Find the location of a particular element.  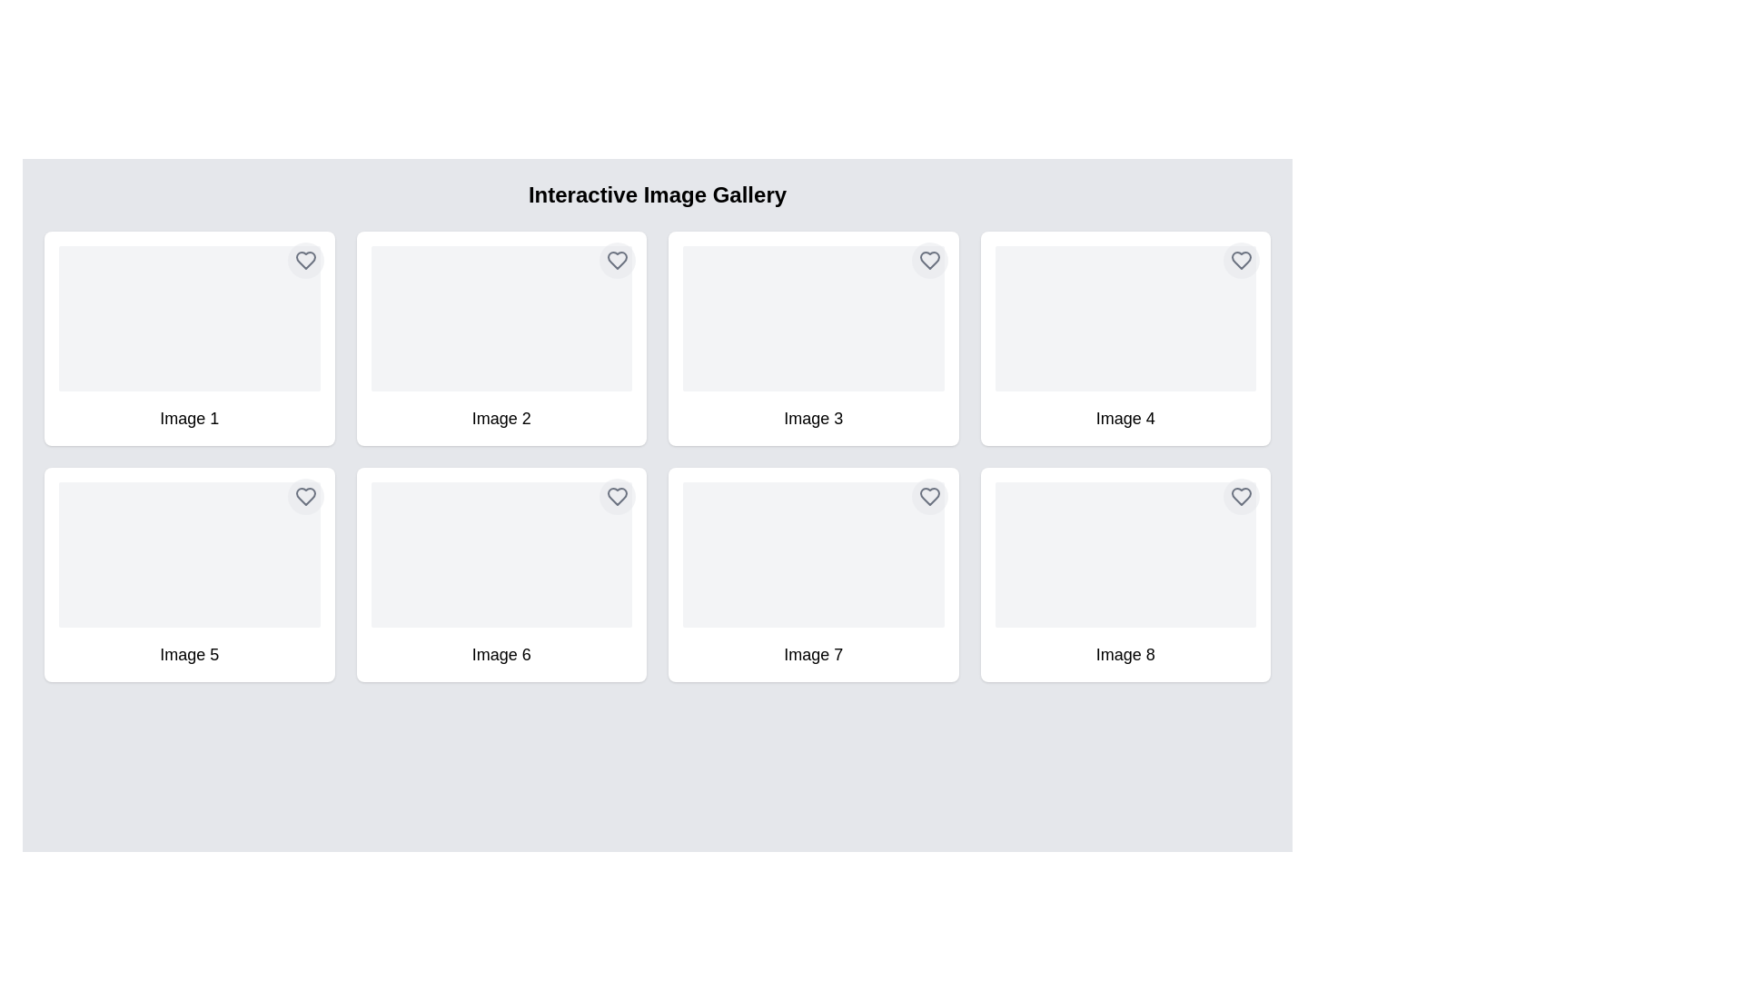

the heart icon representing the 'like' action in the interactive gallery, located at the top-right corner of 'Image 7' in the second row is located at coordinates (929, 497).